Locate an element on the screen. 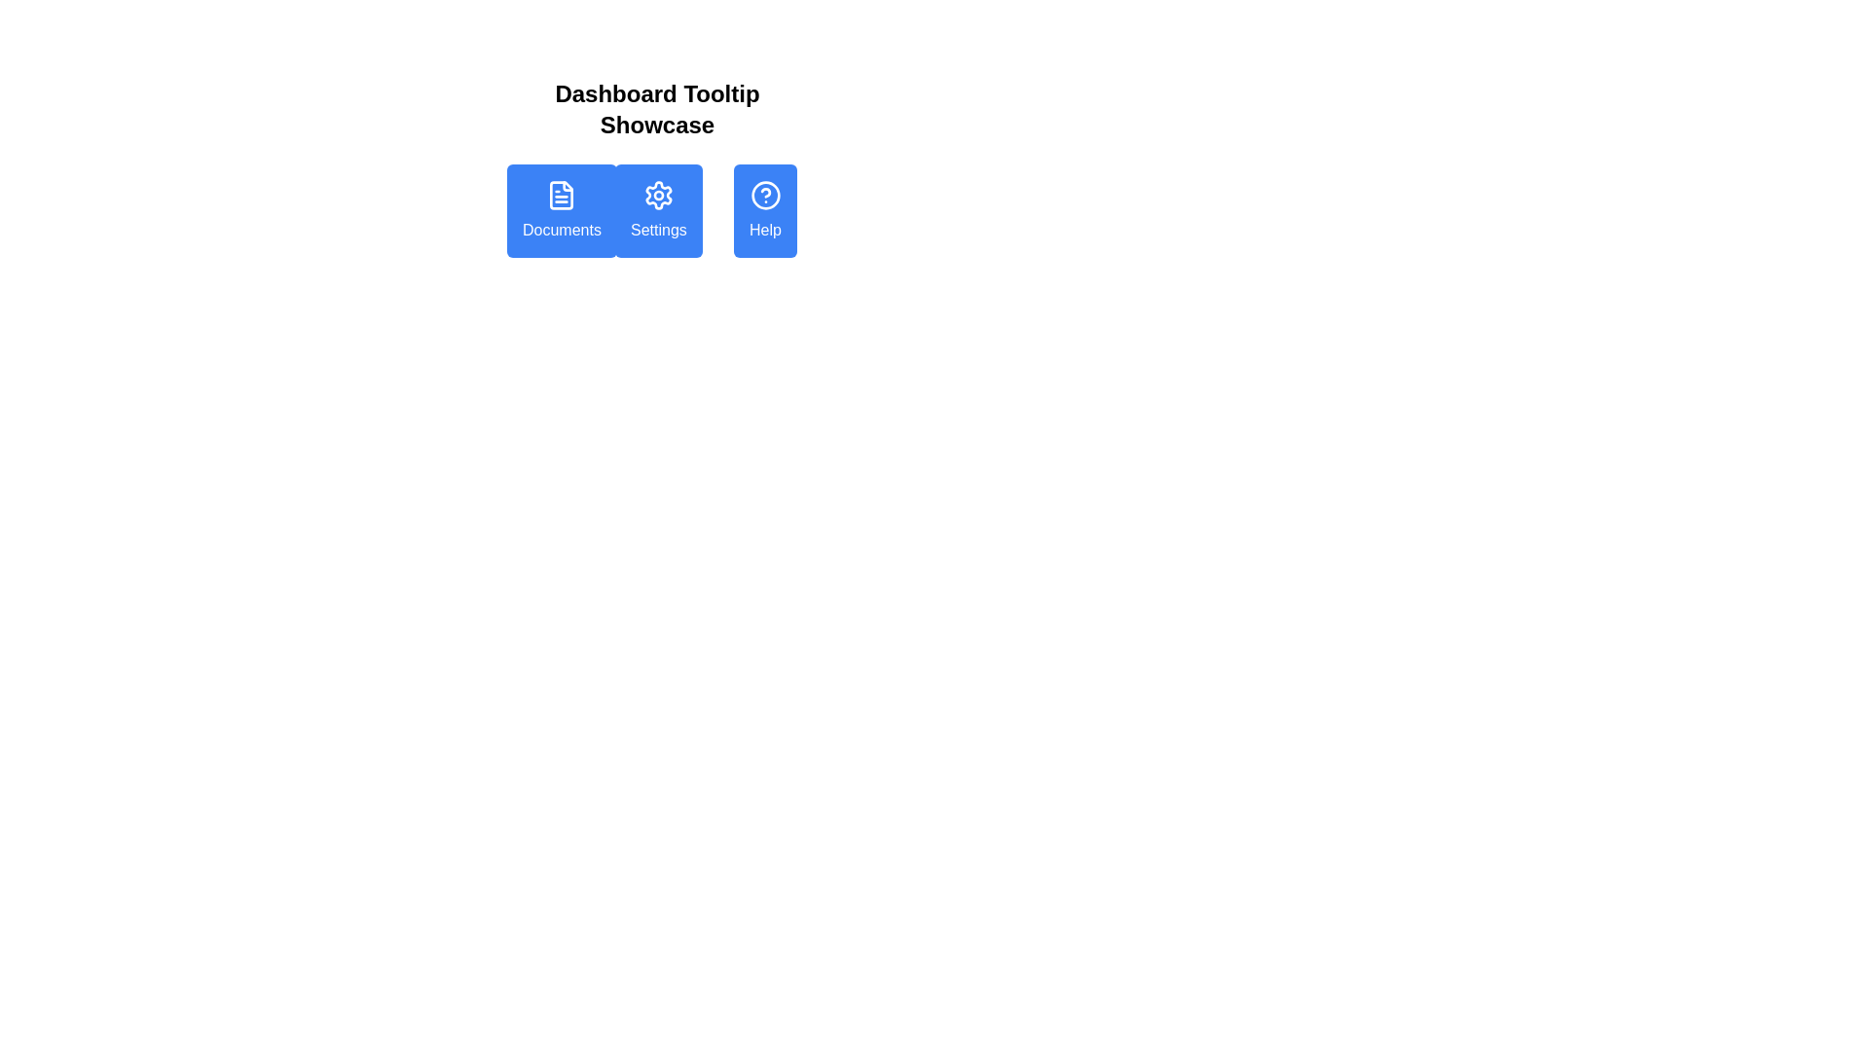 Image resolution: width=1869 pixels, height=1051 pixels. the blue 'Help' button located in the top-right section of the main button group below the 'Dashboard Tooltip Showcase' heading is located at coordinates (764, 210).